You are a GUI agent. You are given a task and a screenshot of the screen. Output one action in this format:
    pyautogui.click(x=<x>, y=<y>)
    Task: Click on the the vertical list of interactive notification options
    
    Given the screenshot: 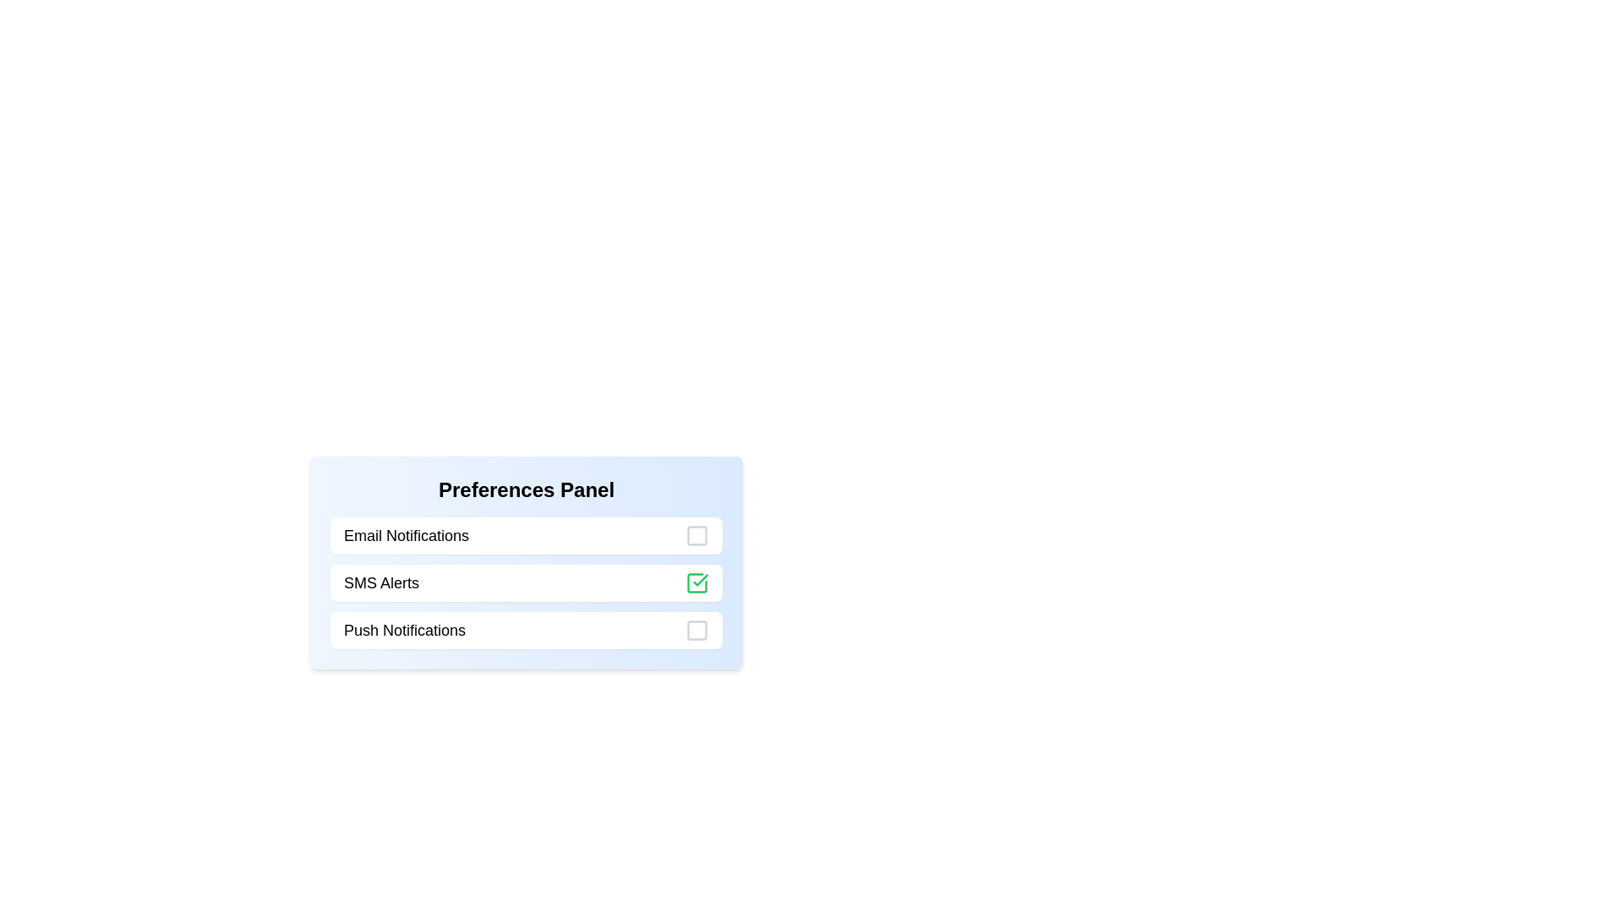 What is the action you would take?
    pyautogui.click(x=526, y=582)
    